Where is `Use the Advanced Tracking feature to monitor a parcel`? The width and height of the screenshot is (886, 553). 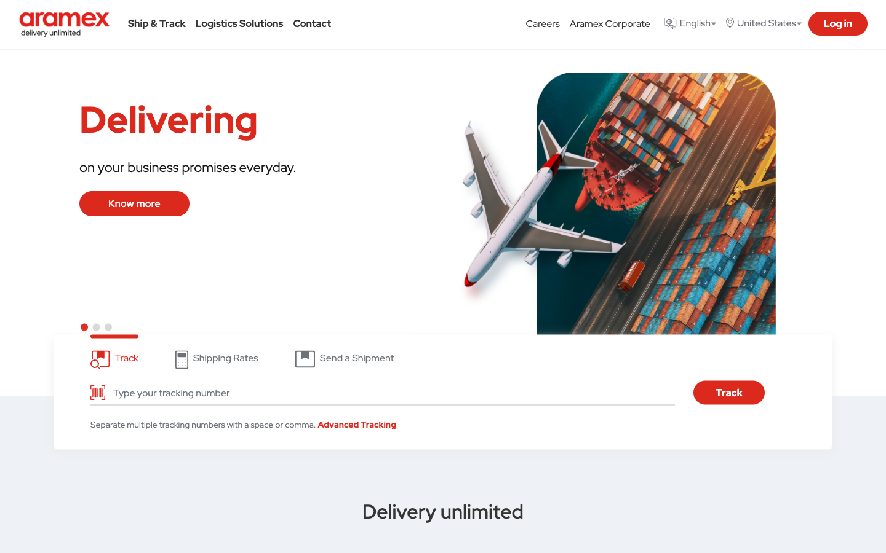
Use the Advanced Tracking feature to monitor a parcel is located at coordinates (357, 423).